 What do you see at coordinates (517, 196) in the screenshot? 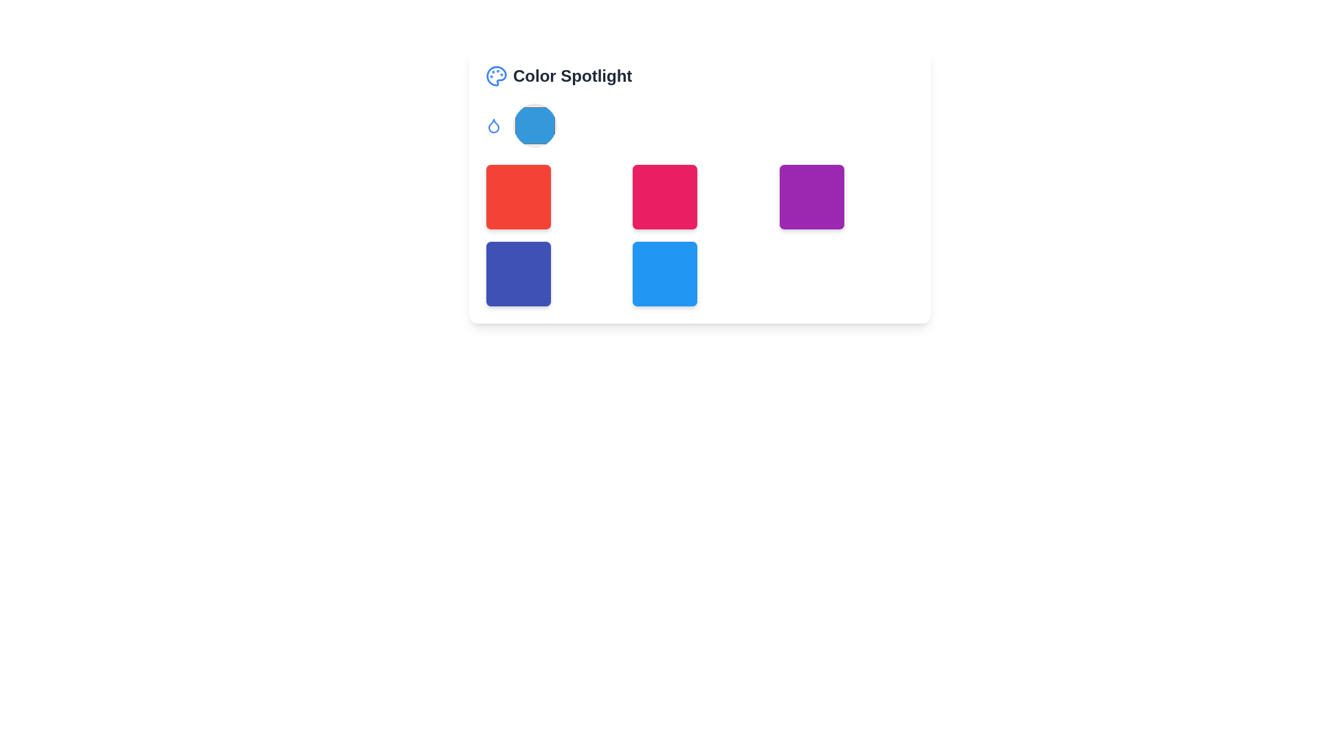
I see `the upper-left clickable color square` at bounding box center [517, 196].